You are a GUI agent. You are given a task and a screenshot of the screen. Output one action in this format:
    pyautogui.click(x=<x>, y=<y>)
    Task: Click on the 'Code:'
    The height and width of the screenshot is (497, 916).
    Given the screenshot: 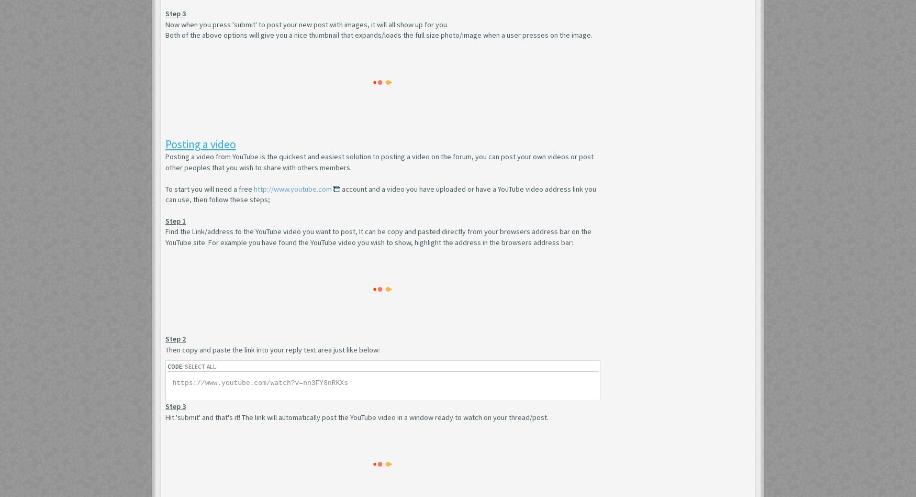 What is the action you would take?
    pyautogui.click(x=176, y=366)
    